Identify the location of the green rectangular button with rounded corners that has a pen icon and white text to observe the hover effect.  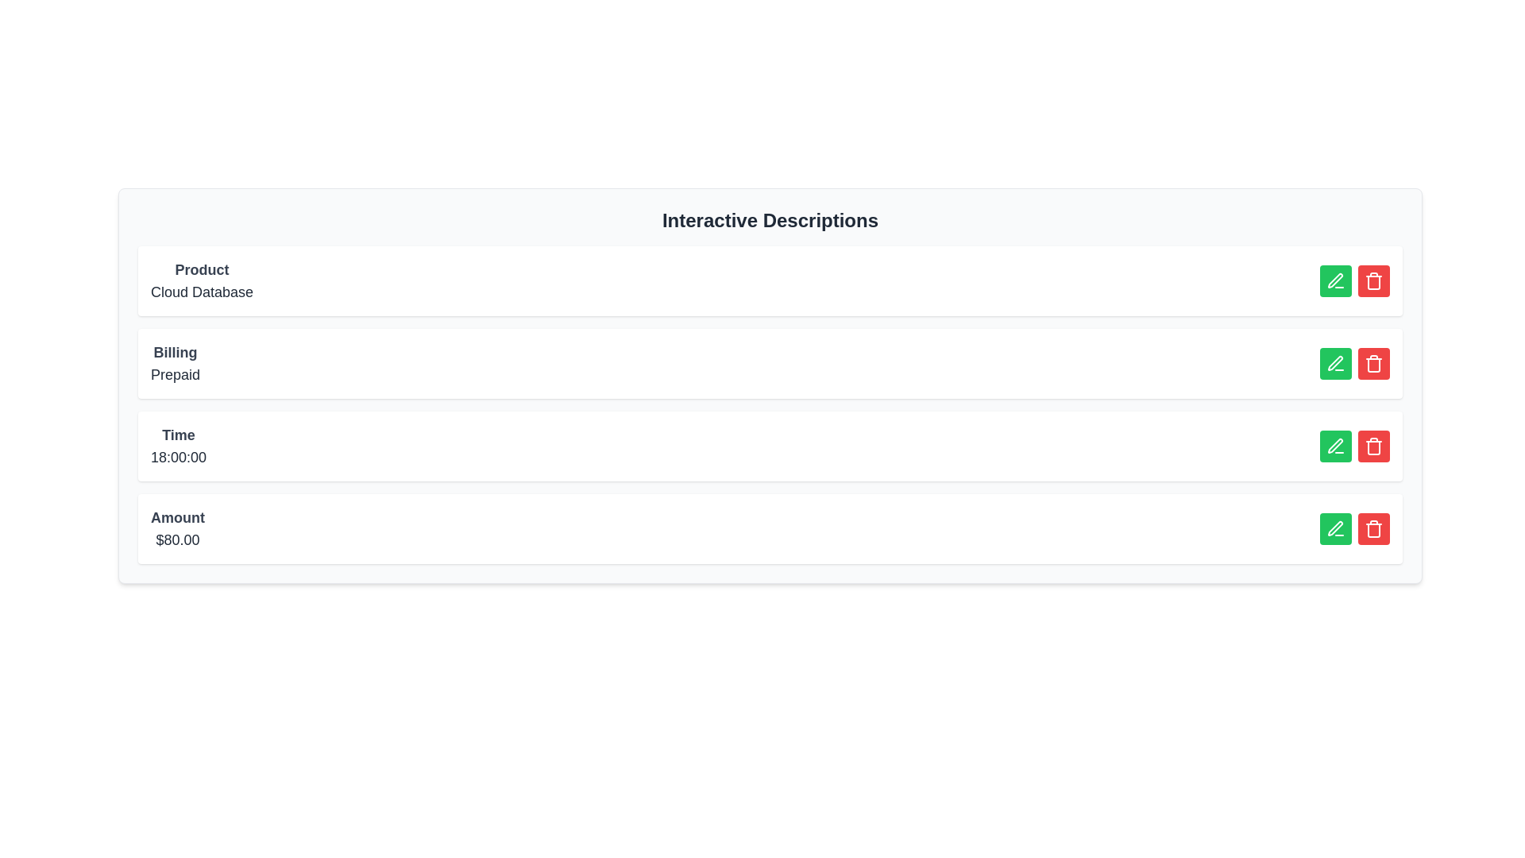
(1334, 364).